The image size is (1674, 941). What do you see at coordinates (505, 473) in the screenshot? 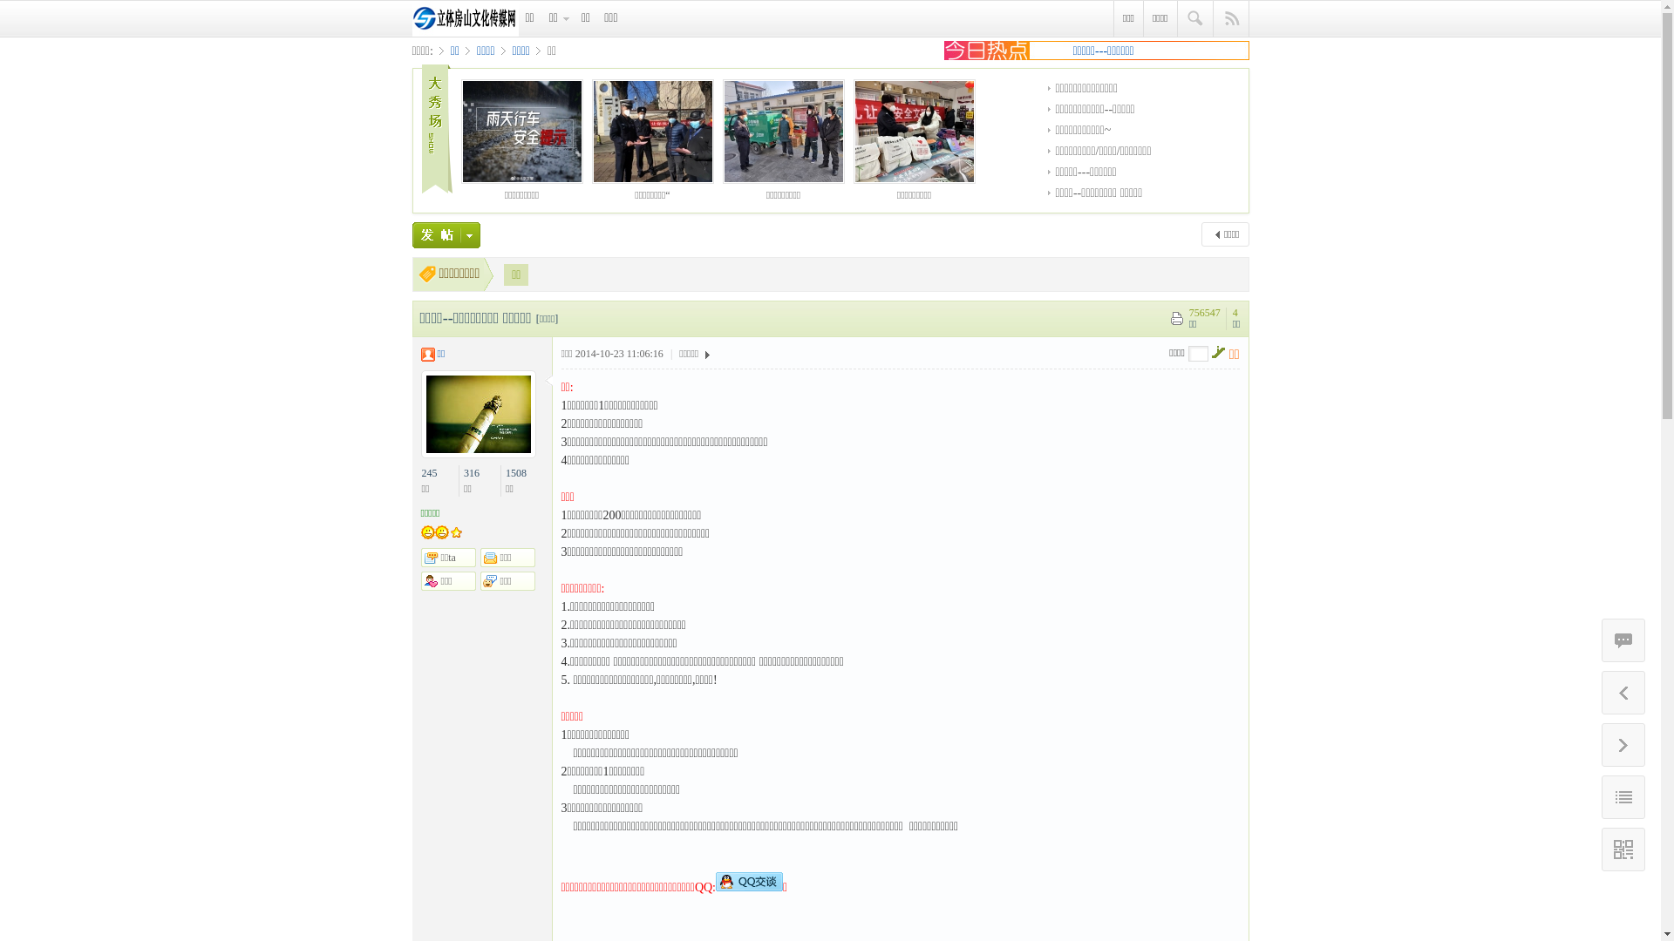
I see `'1508'` at bounding box center [505, 473].